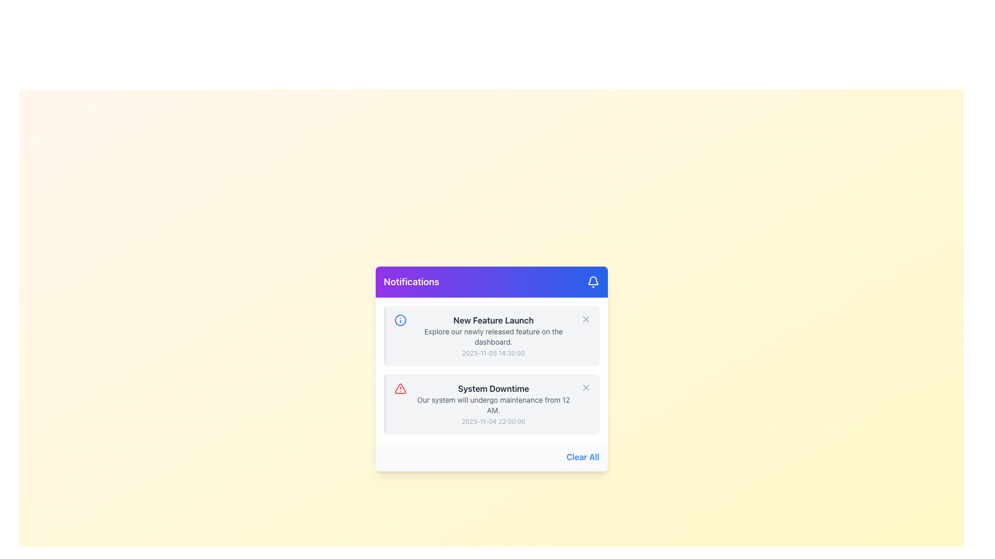 Image resolution: width=995 pixels, height=559 pixels. Describe the element at coordinates (400, 319) in the screenshot. I see `the circular icon with a blue outline containing an information symbol, located at the top-left corner of the notification card for 'New Feature Launch'` at that location.